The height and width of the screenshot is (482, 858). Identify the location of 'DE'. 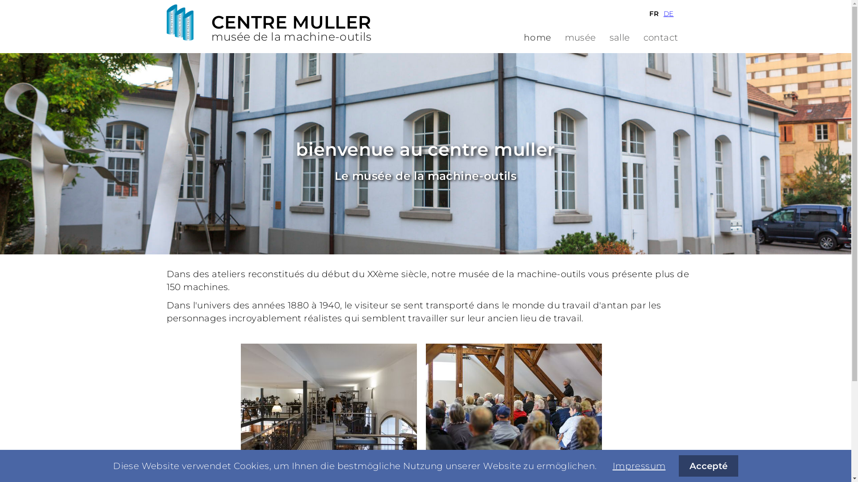
(669, 13).